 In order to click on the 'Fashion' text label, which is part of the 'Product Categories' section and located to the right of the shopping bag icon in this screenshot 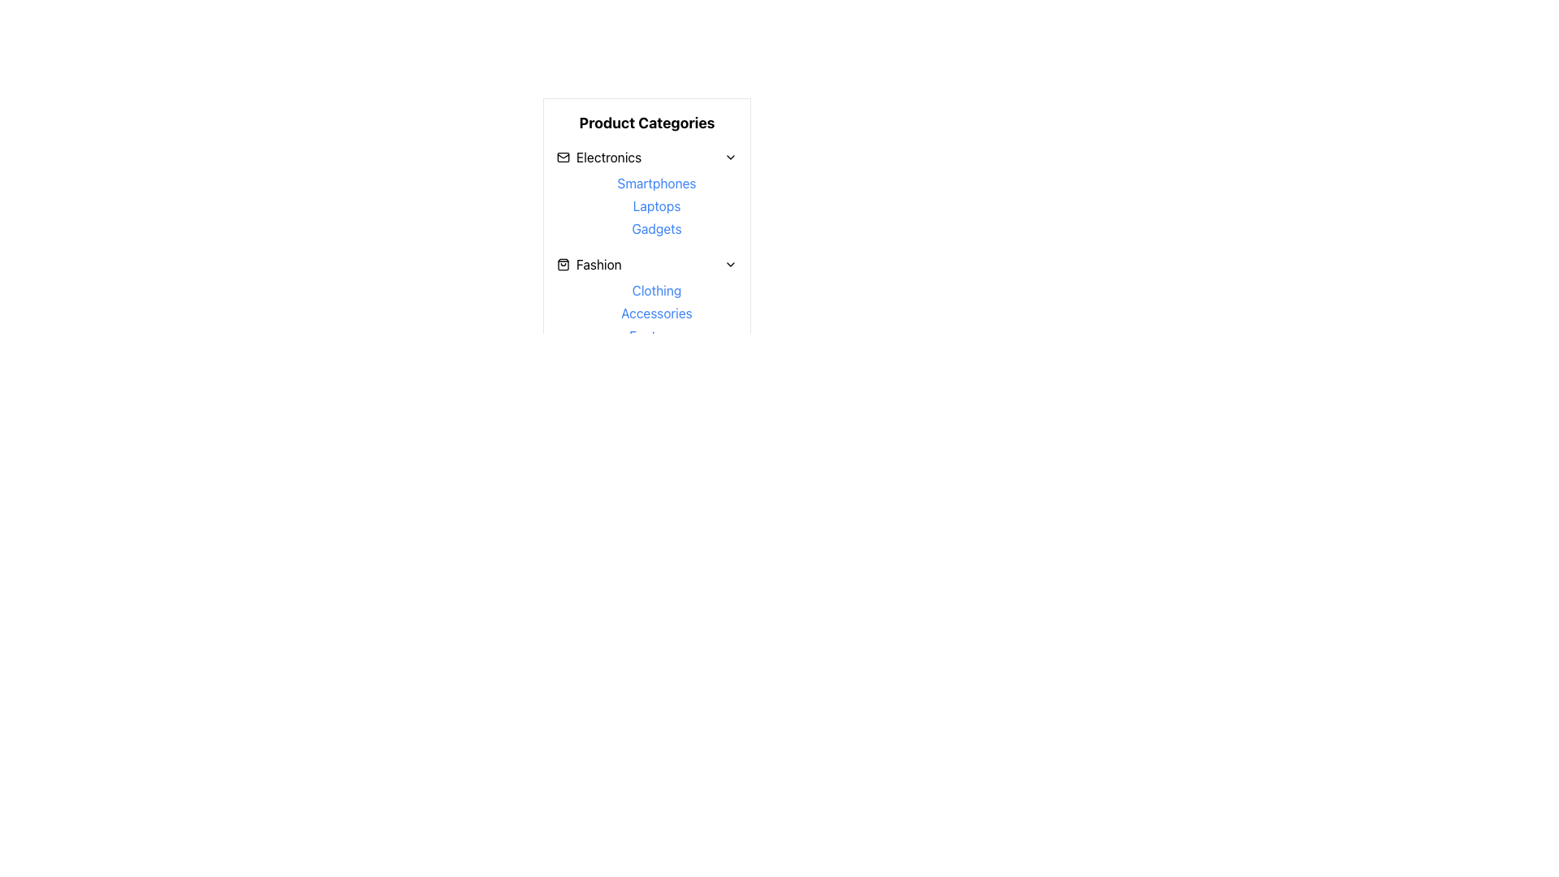, I will do `click(598, 264)`.